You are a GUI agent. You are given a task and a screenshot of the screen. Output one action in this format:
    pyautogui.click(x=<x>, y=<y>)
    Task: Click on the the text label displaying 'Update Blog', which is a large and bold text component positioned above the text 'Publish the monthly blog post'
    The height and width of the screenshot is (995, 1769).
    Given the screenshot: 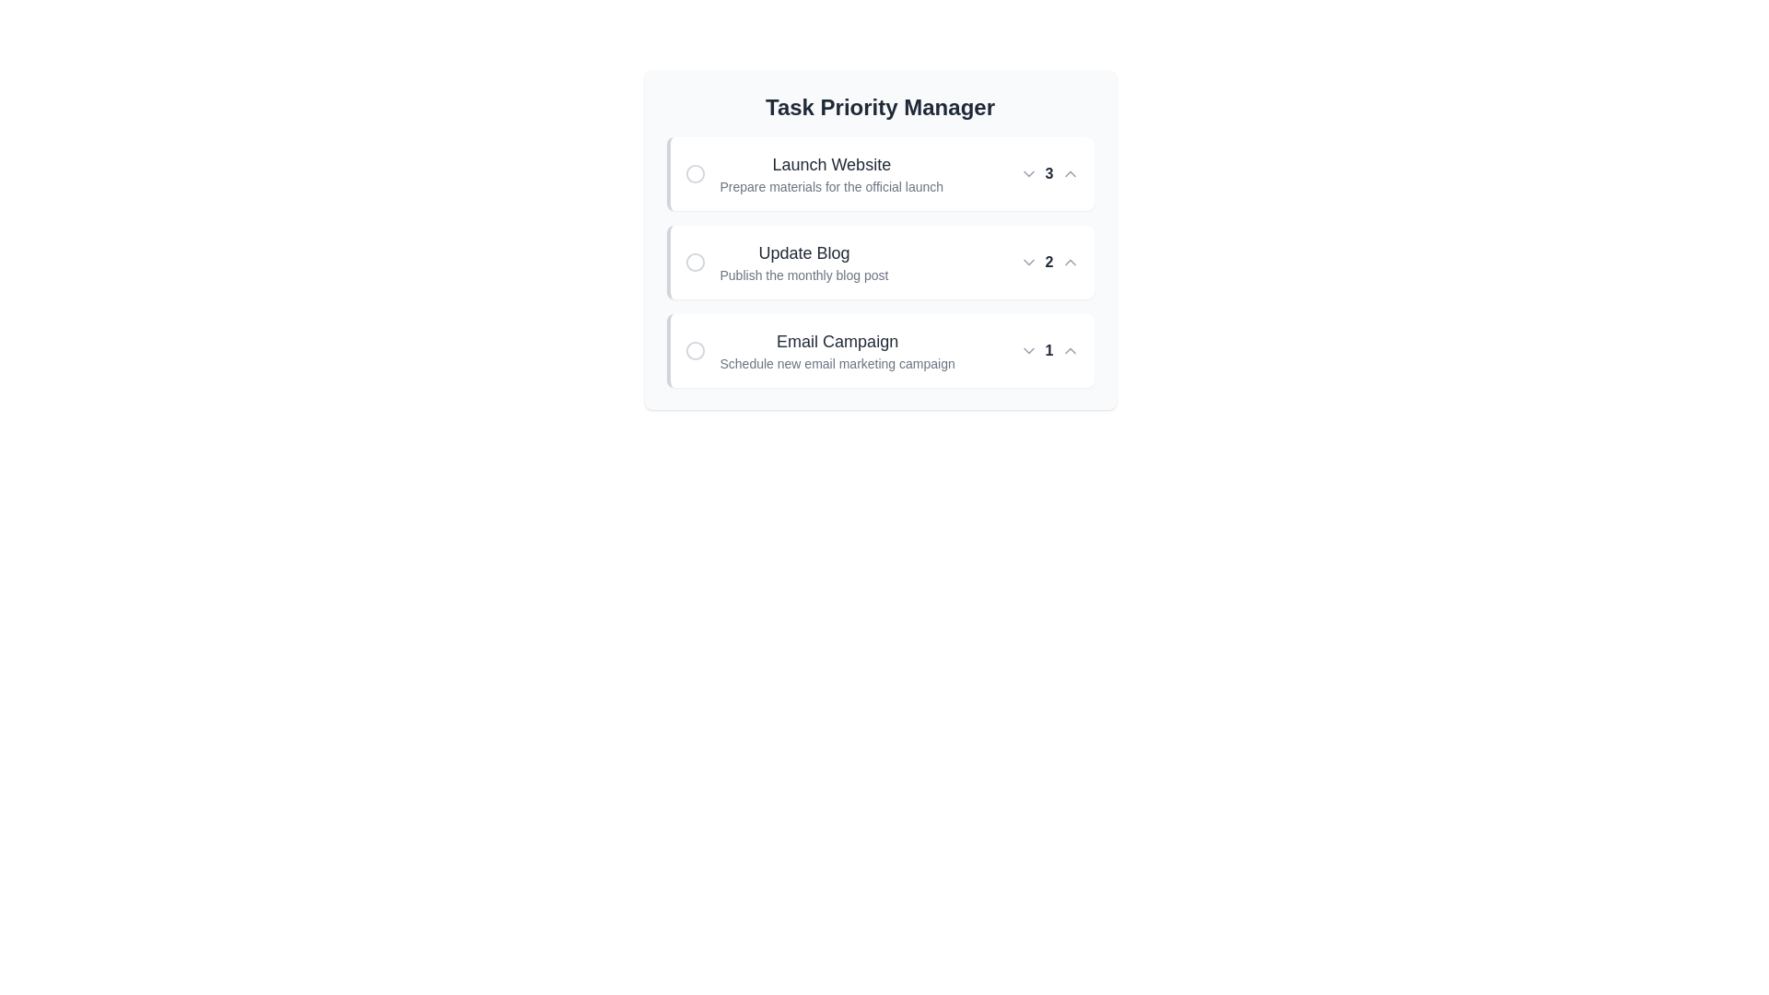 What is the action you would take?
    pyautogui.click(x=804, y=252)
    